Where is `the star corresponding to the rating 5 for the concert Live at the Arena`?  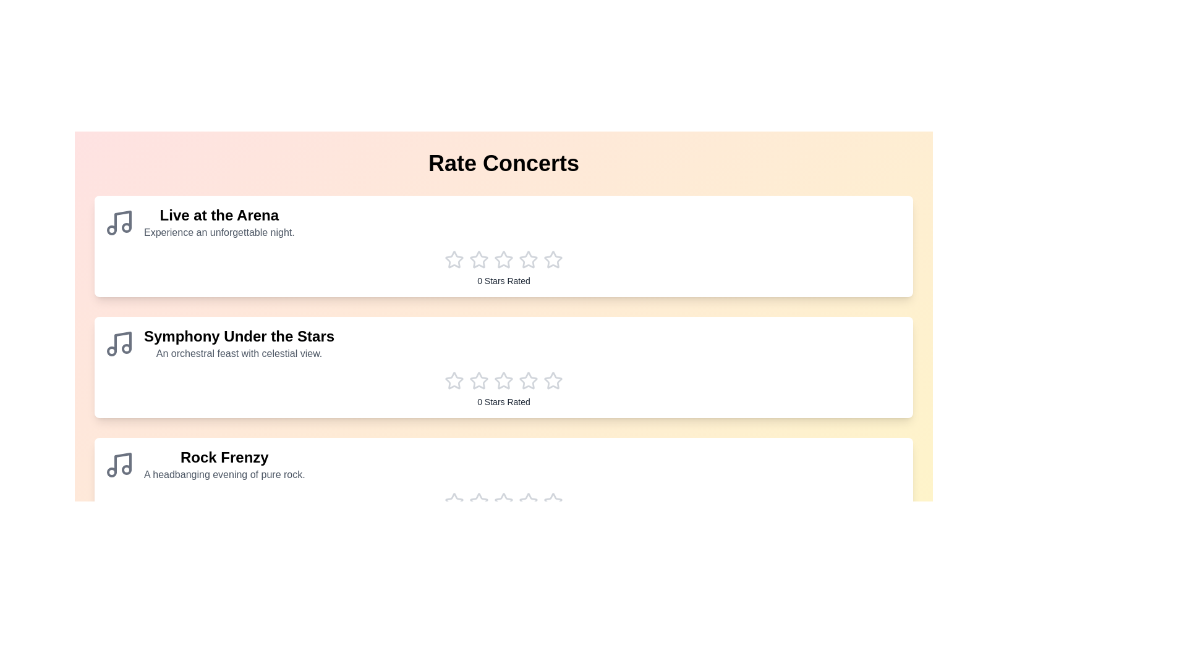
the star corresponding to the rating 5 for the concert Live at the Arena is located at coordinates (552, 259).